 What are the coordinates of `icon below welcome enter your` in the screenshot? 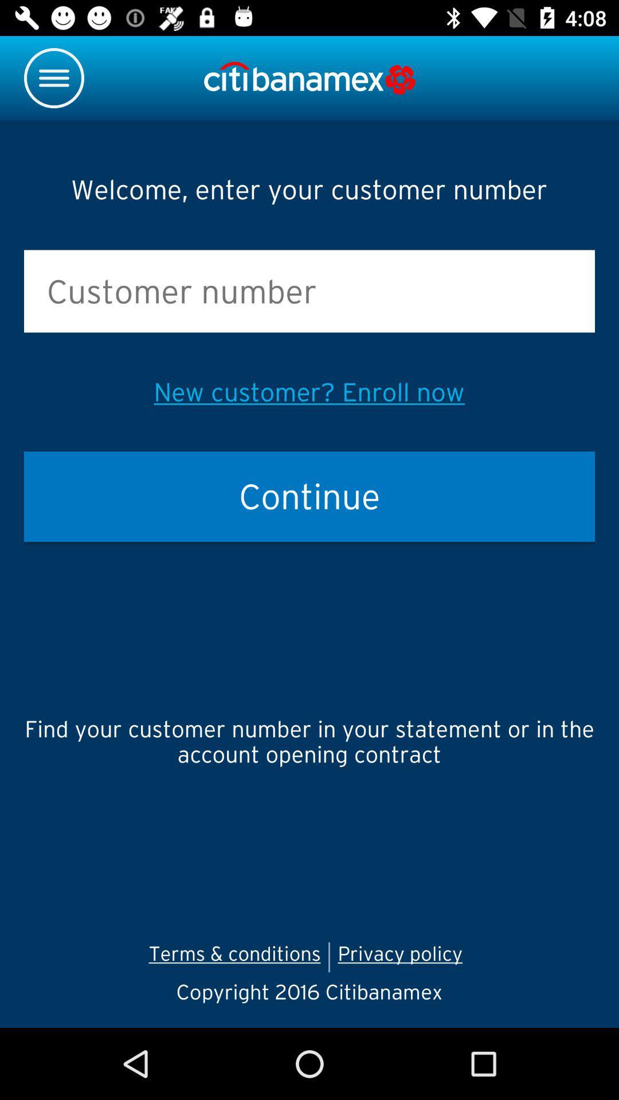 It's located at (309, 291).